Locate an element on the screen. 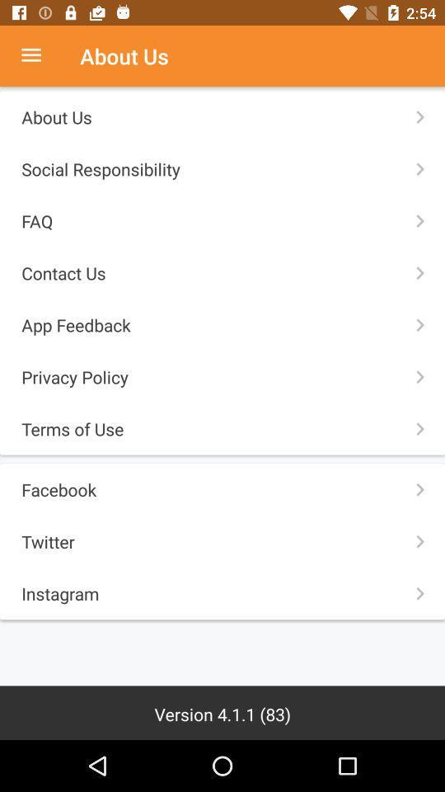  the icon to the left of about us is located at coordinates (40, 56).